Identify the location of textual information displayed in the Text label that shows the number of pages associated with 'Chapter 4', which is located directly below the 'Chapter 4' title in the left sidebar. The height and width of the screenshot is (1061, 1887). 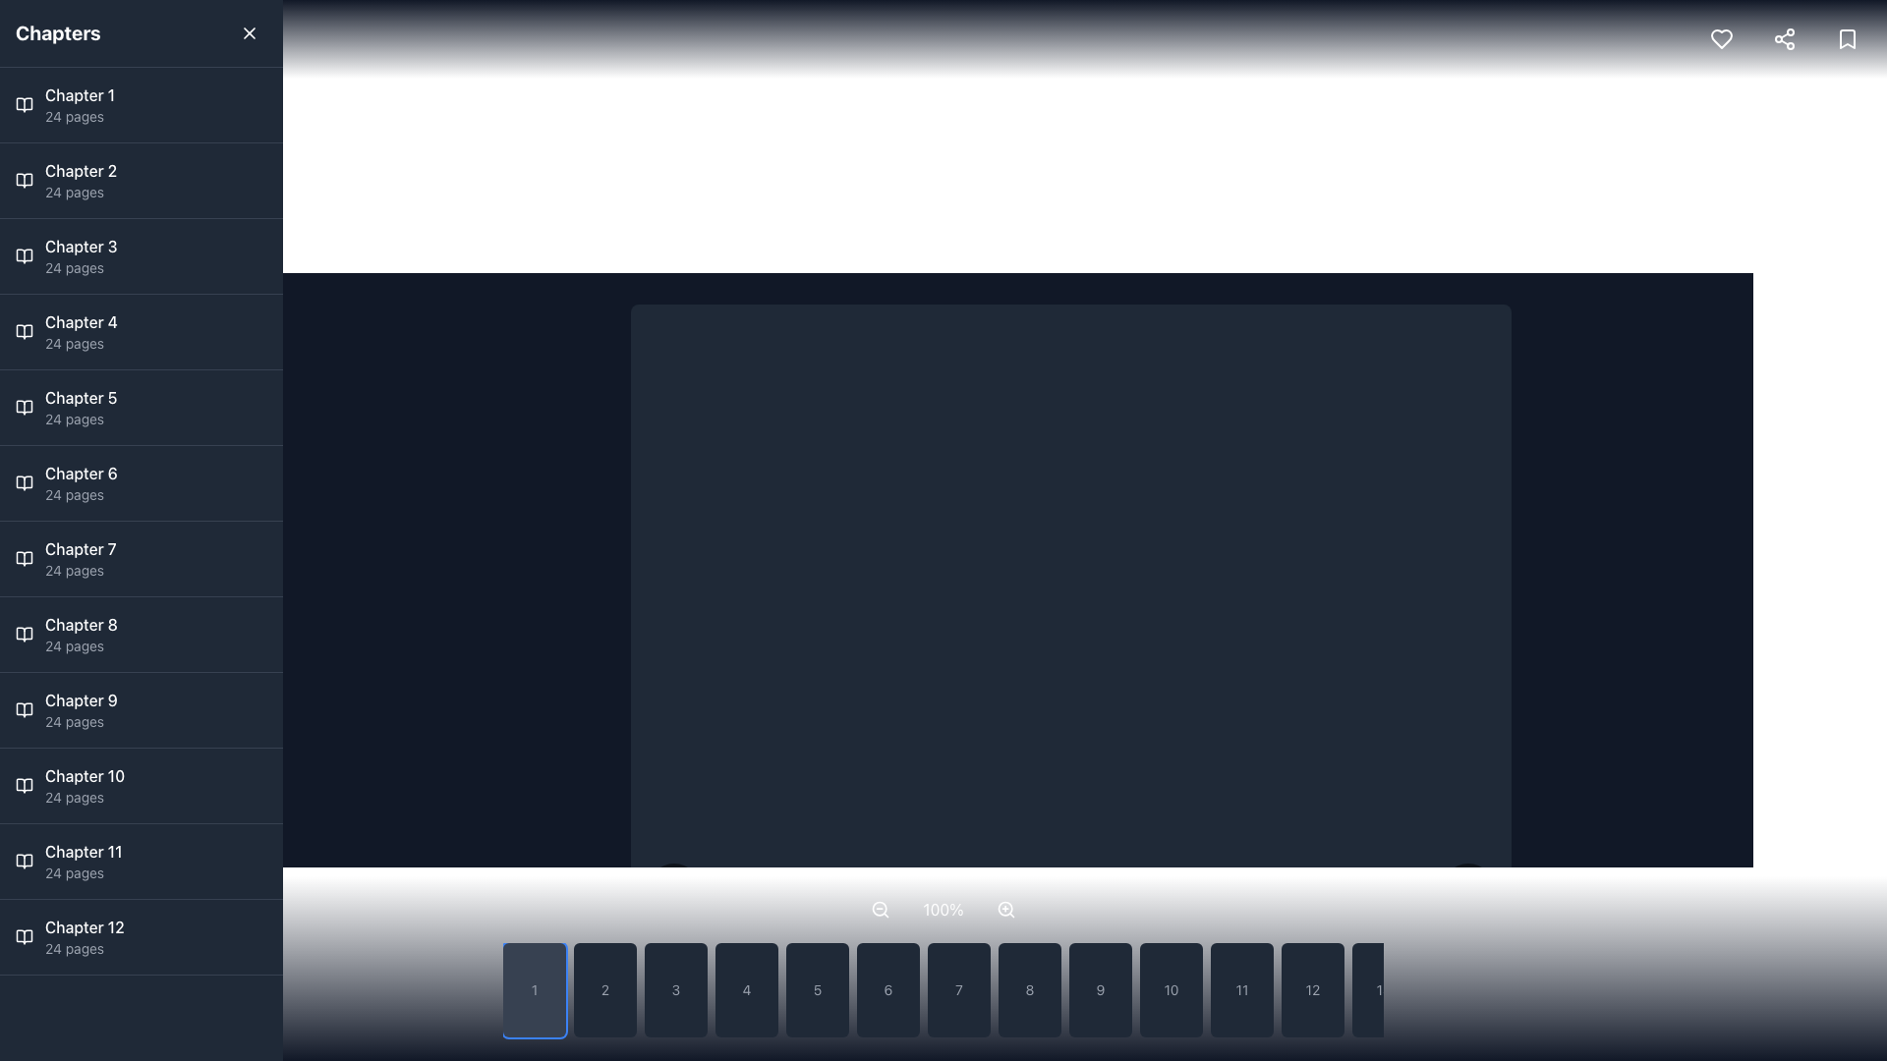
(80, 343).